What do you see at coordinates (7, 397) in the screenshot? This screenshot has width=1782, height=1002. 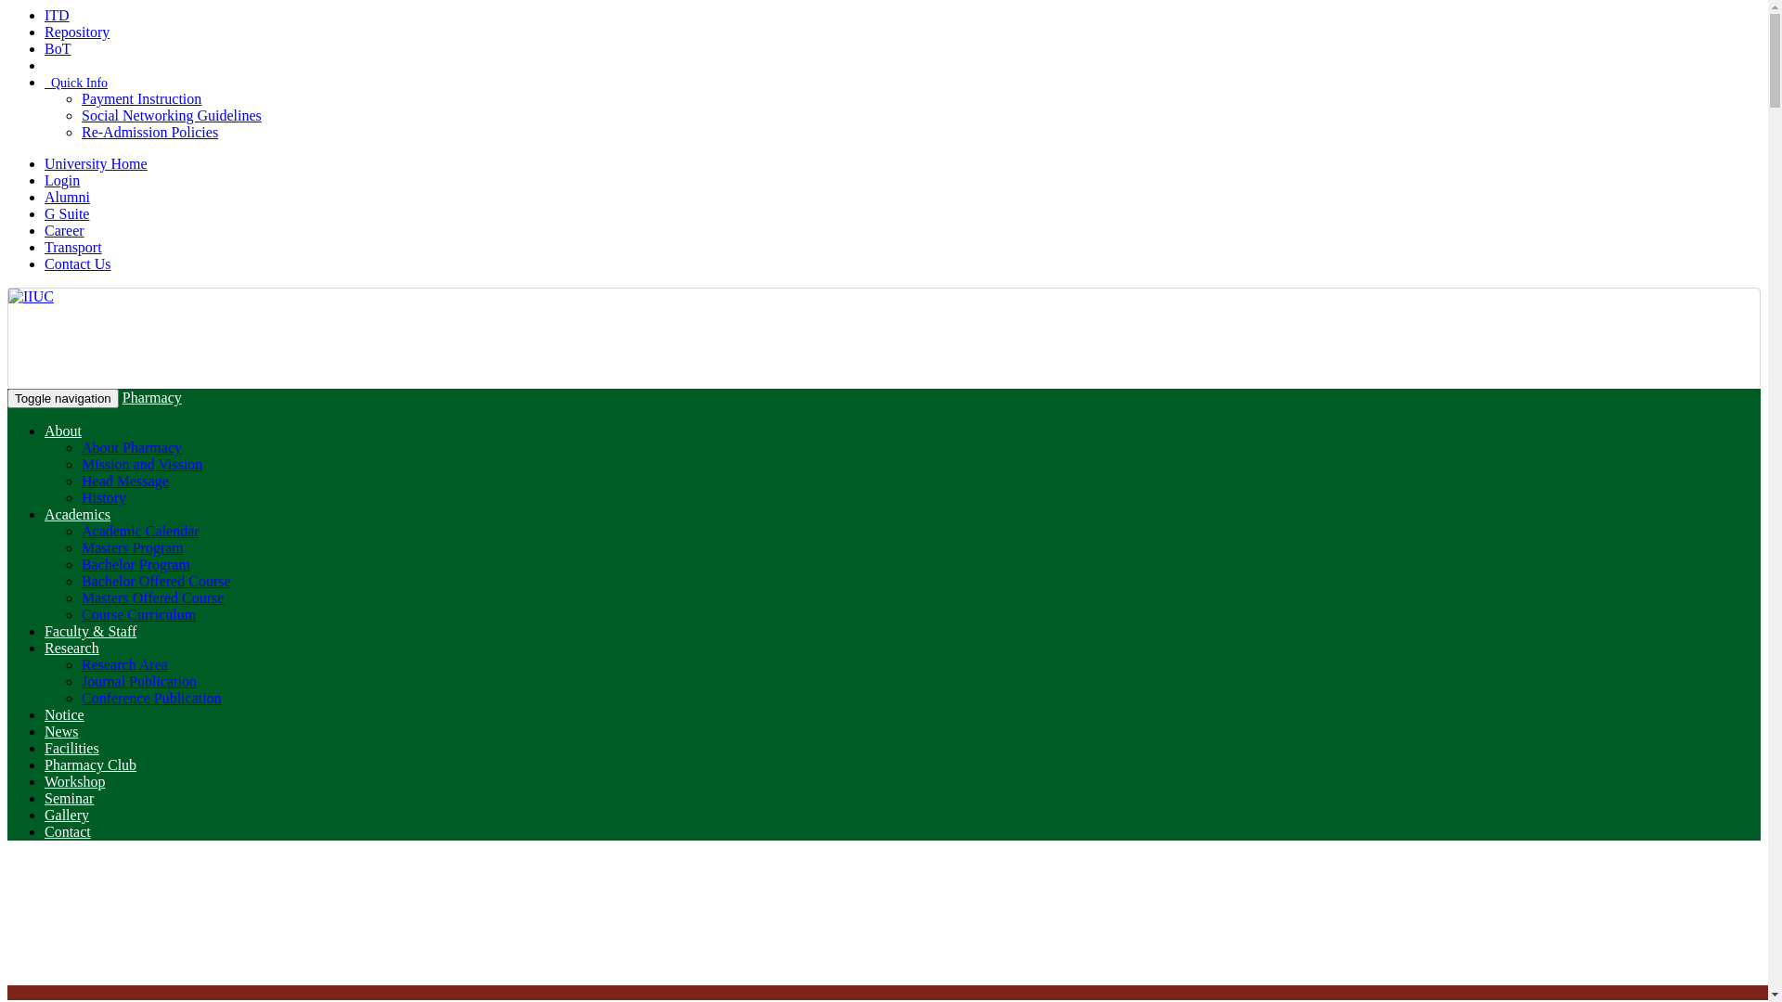 I see `'Toggle navigation'` at bounding box center [7, 397].